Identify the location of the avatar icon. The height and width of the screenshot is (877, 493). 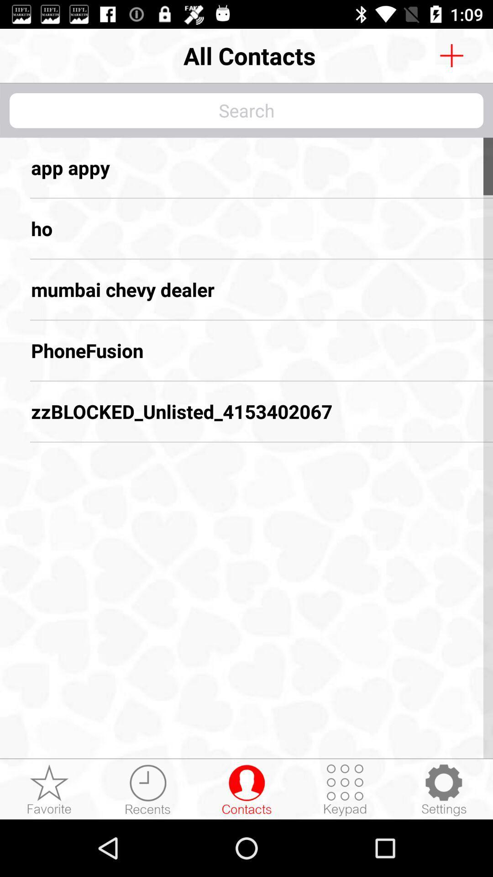
(246, 789).